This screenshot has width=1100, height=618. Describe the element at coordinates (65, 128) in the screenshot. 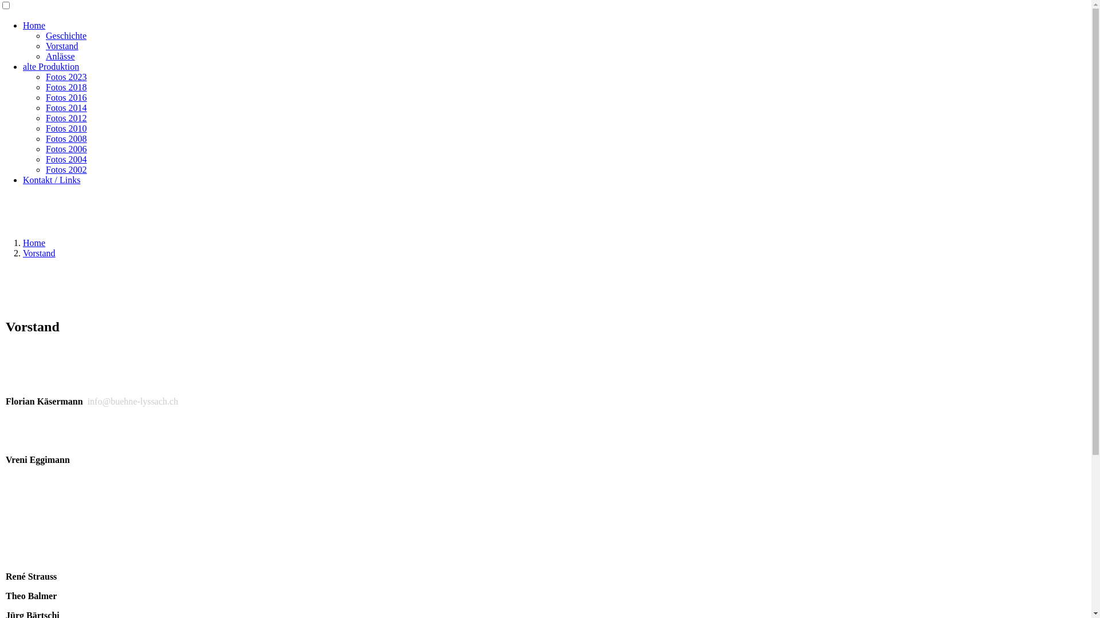

I see `'Fotos 2010'` at that location.